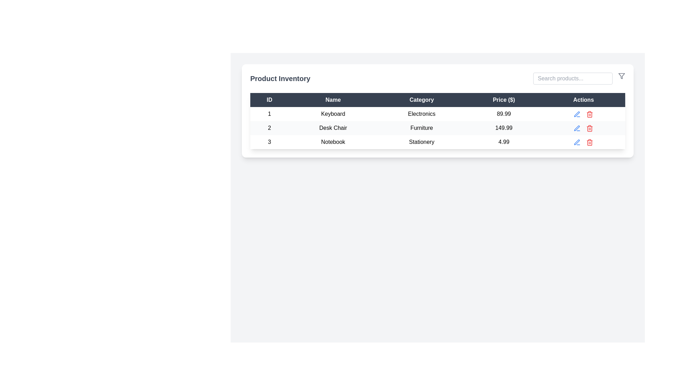 Image resolution: width=674 pixels, height=379 pixels. I want to click on the Table Header Cell that serves as the header for the ID column, located at the top-left corner of the table's header row, so click(269, 100).